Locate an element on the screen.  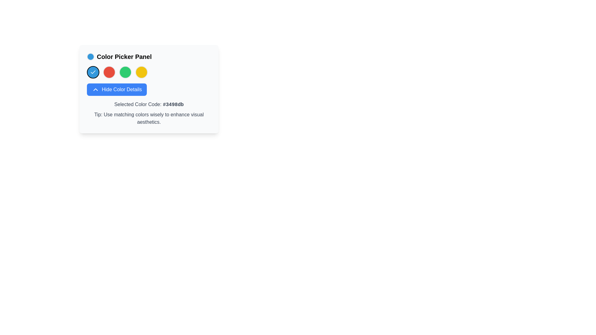
the first circular button in the color picker panel is located at coordinates (93, 72).